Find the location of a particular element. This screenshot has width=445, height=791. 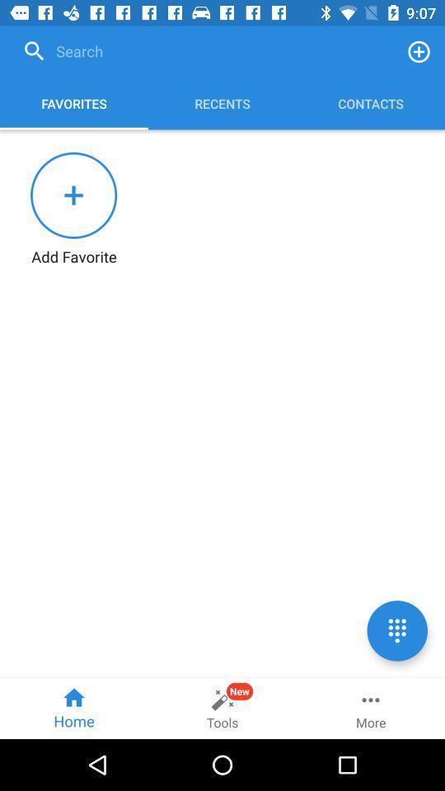

contact is located at coordinates (419, 51).